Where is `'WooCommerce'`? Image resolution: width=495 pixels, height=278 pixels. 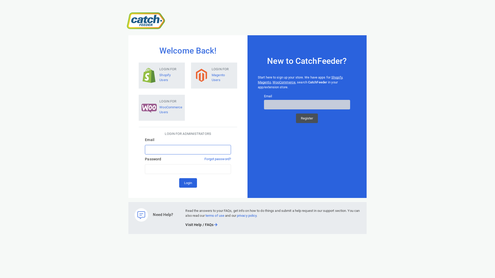
'WooCommerce' is located at coordinates (284, 82).